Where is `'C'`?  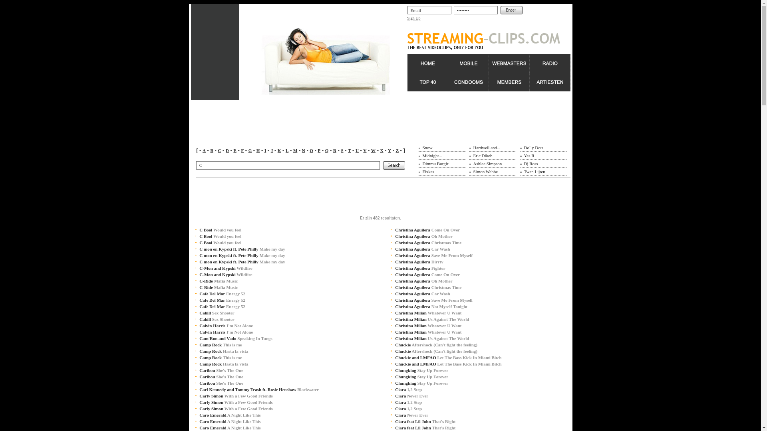 'C' is located at coordinates (219, 150).